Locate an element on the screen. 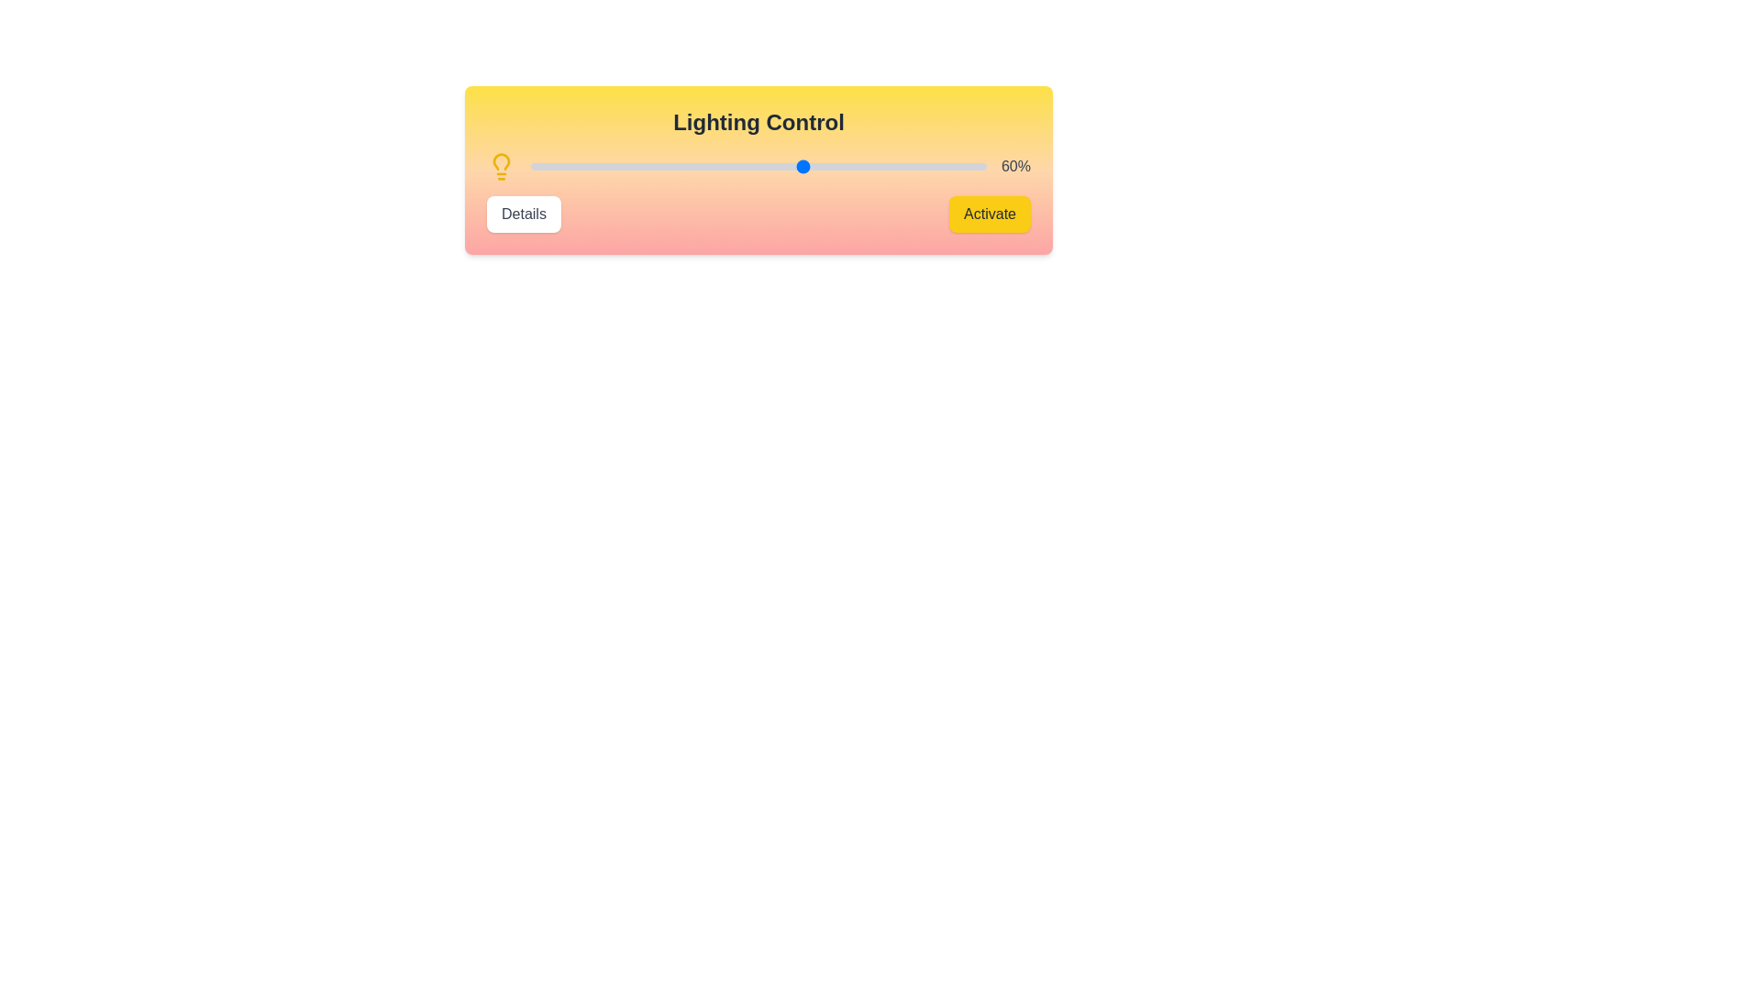 The image size is (1761, 990). the lighting intensity to 2% by interacting with the slider is located at coordinates (538, 166).